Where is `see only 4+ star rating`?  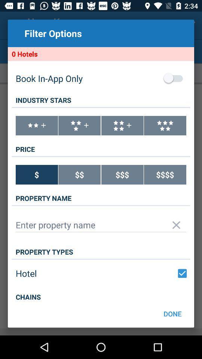 see only 4+ star rating is located at coordinates (122, 126).